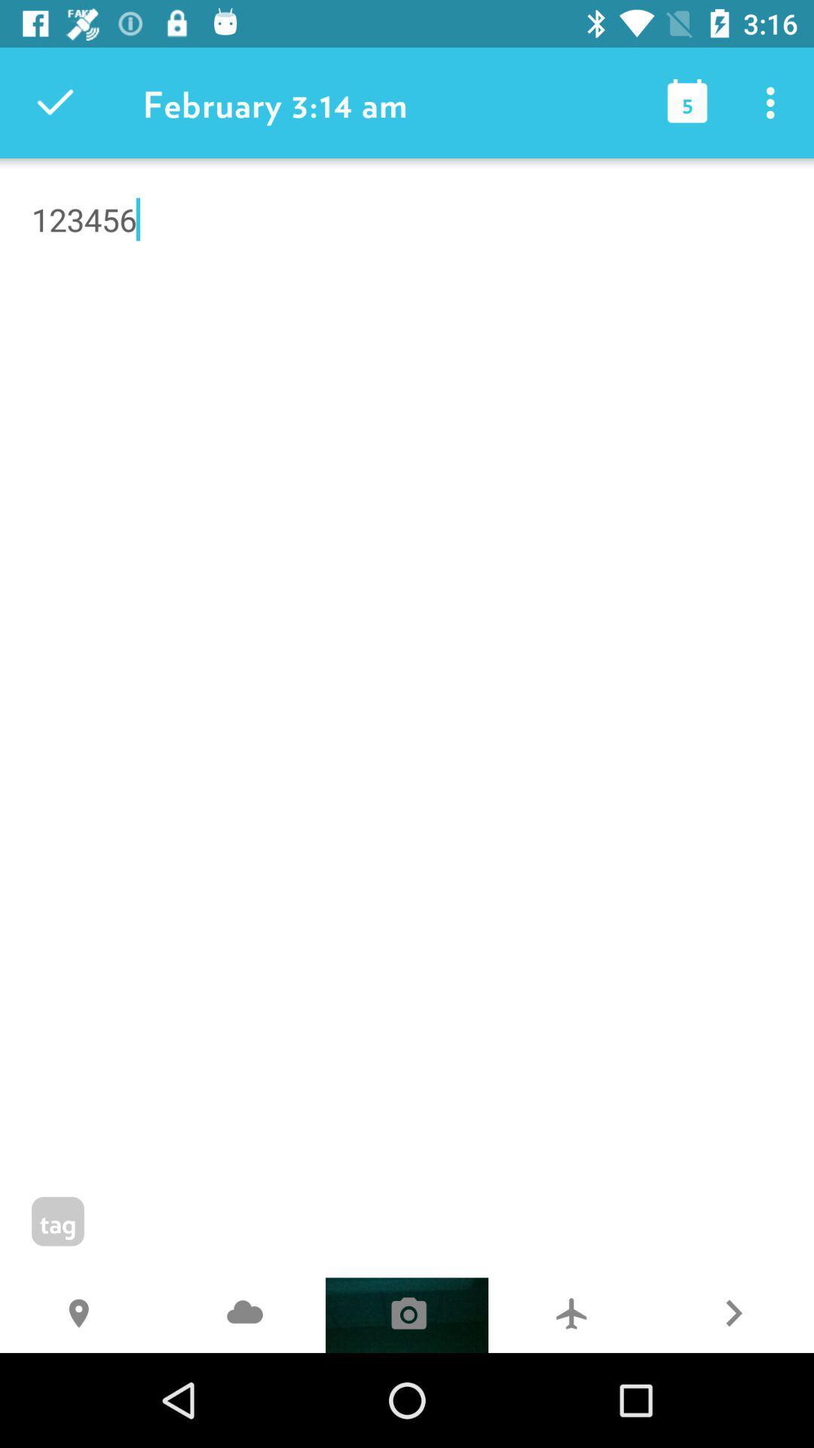 Image resolution: width=814 pixels, height=1448 pixels. Describe the element at coordinates (54, 102) in the screenshot. I see `item next to the february 3 14 icon` at that location.